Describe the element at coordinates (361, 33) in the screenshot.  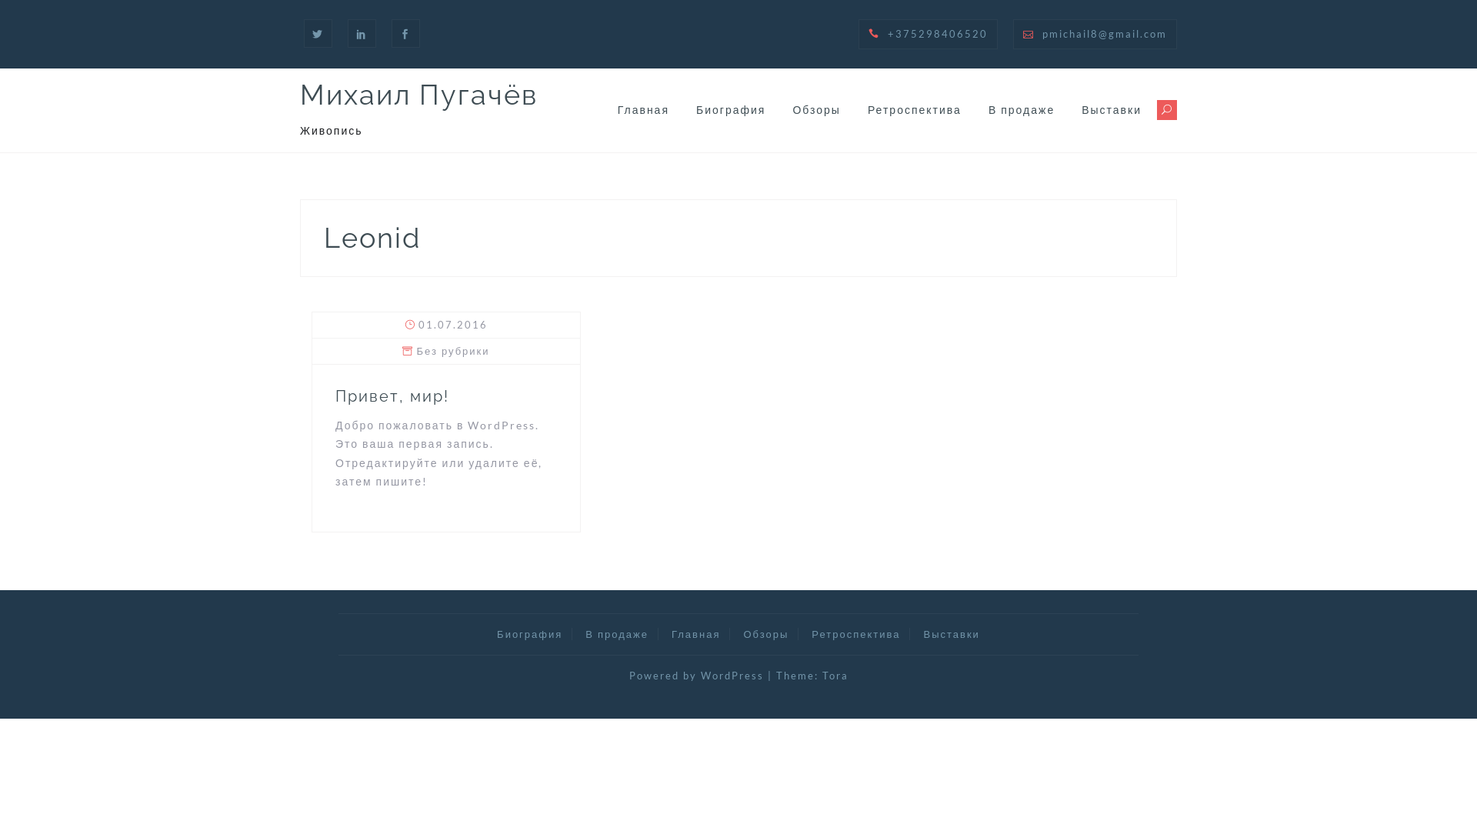
I see `'LI'` at that location.